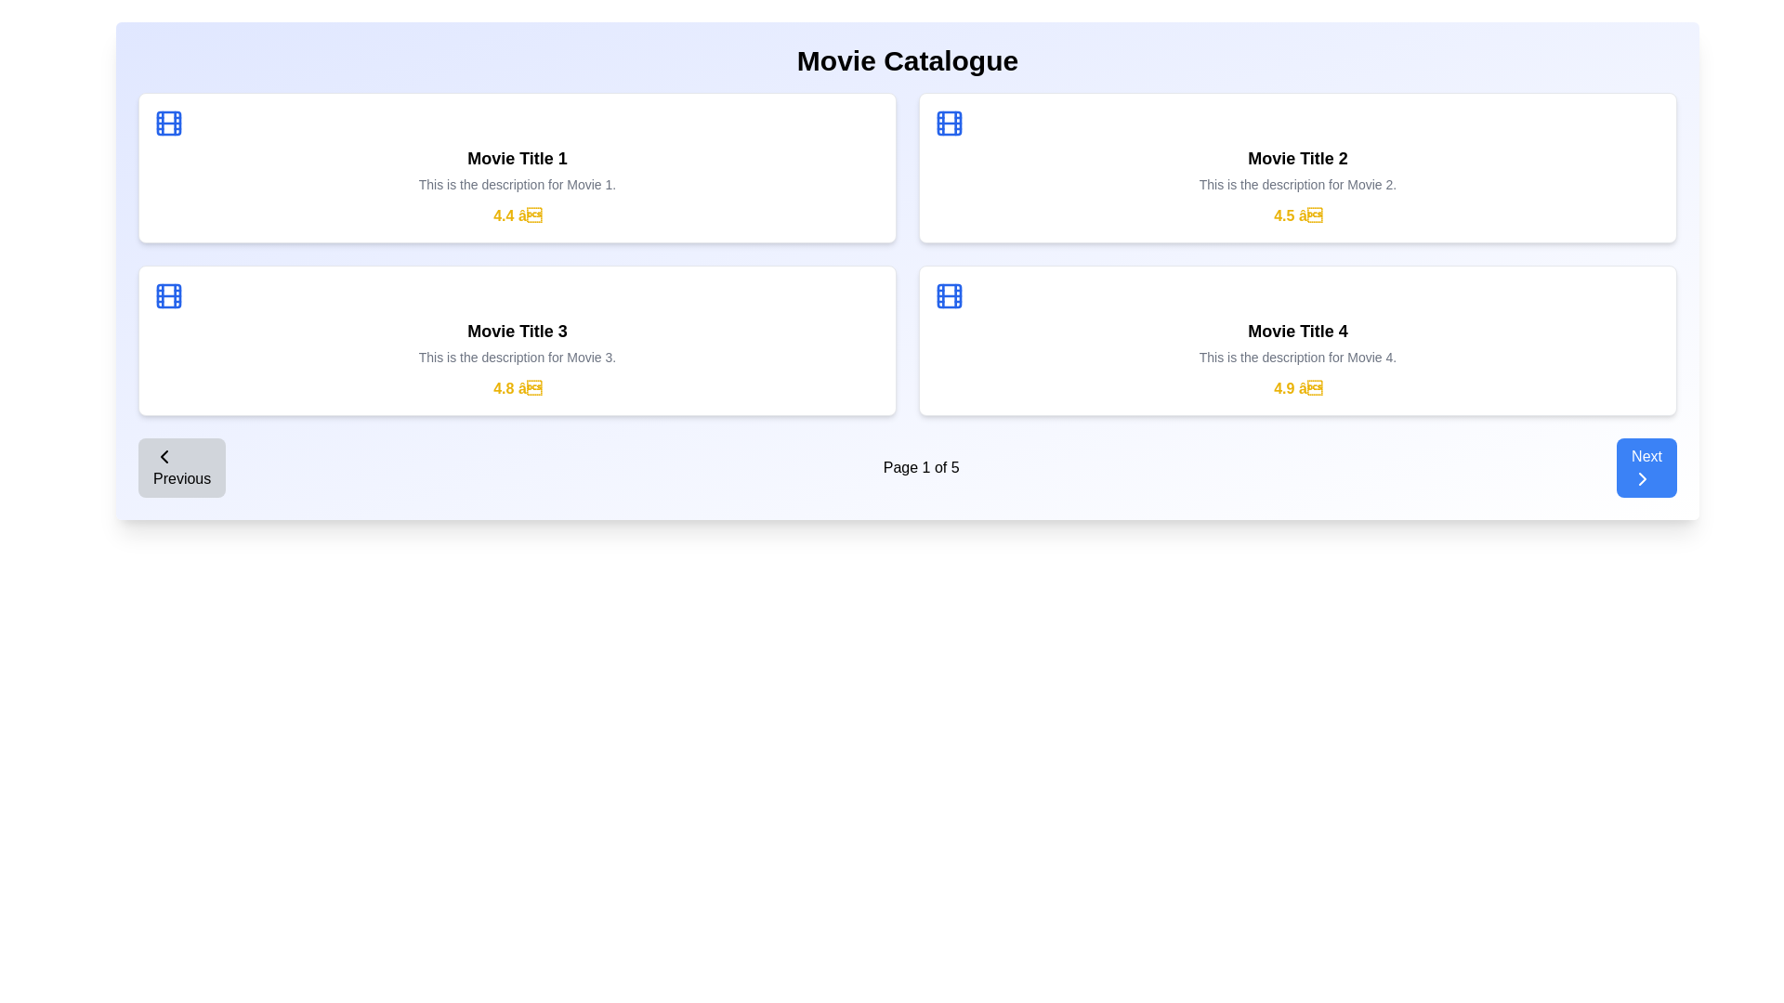 The width and height of the screenshot is (1784, 1003). What do you see at coordinates (1296, 358) in the screenshot?
I see `the description text for 'Movie 4' which is centrally aligned in the card layout, situated below 'Movie Title 4' and above the rating text '4.9'` at bounding box center [1296, 358].